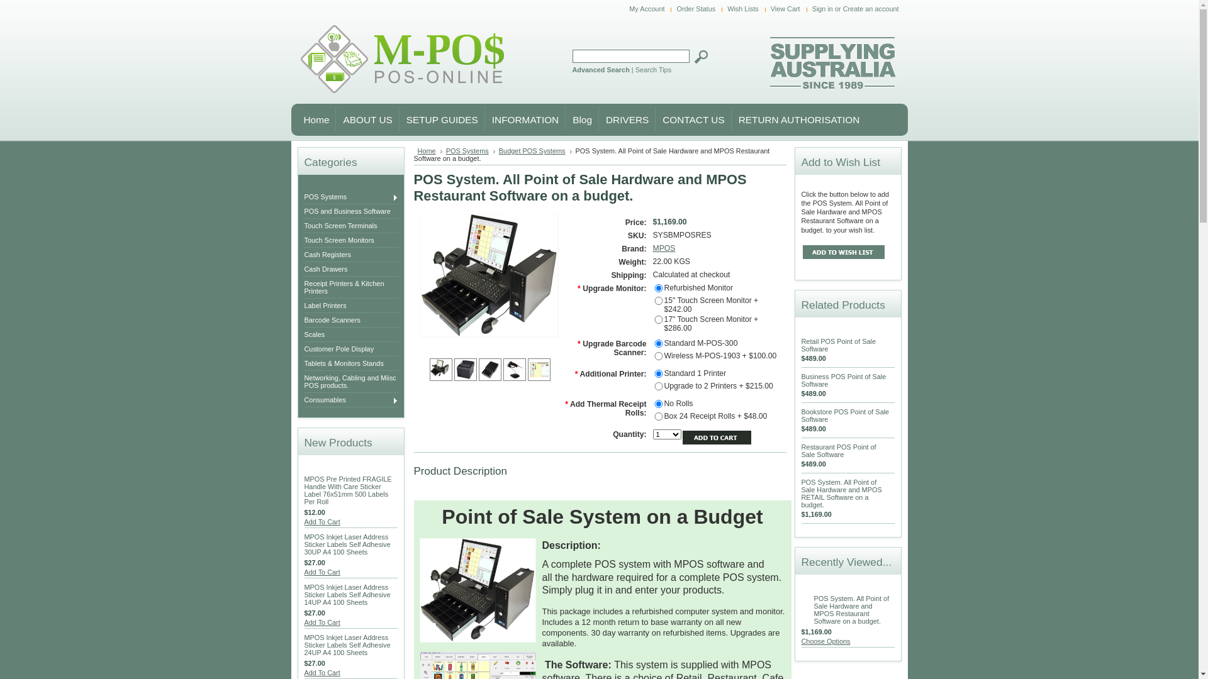 The height and width of the screenshot is (679, 1208). Describe the element at coordinates (822, 9) in the screenshot. I see `'Sign in'` at that location.